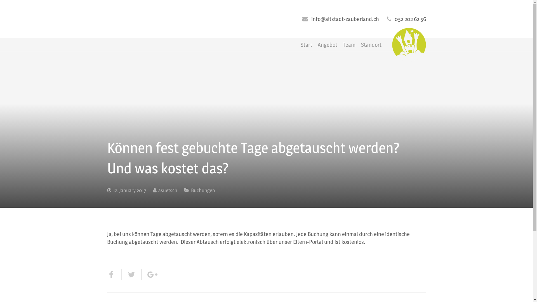 The height and width of the screenshot is (302, 537). What do you see at coordinates (202, 190) in the screenshot?
I see `'Buchungen'` at bounding box center [202, 190].